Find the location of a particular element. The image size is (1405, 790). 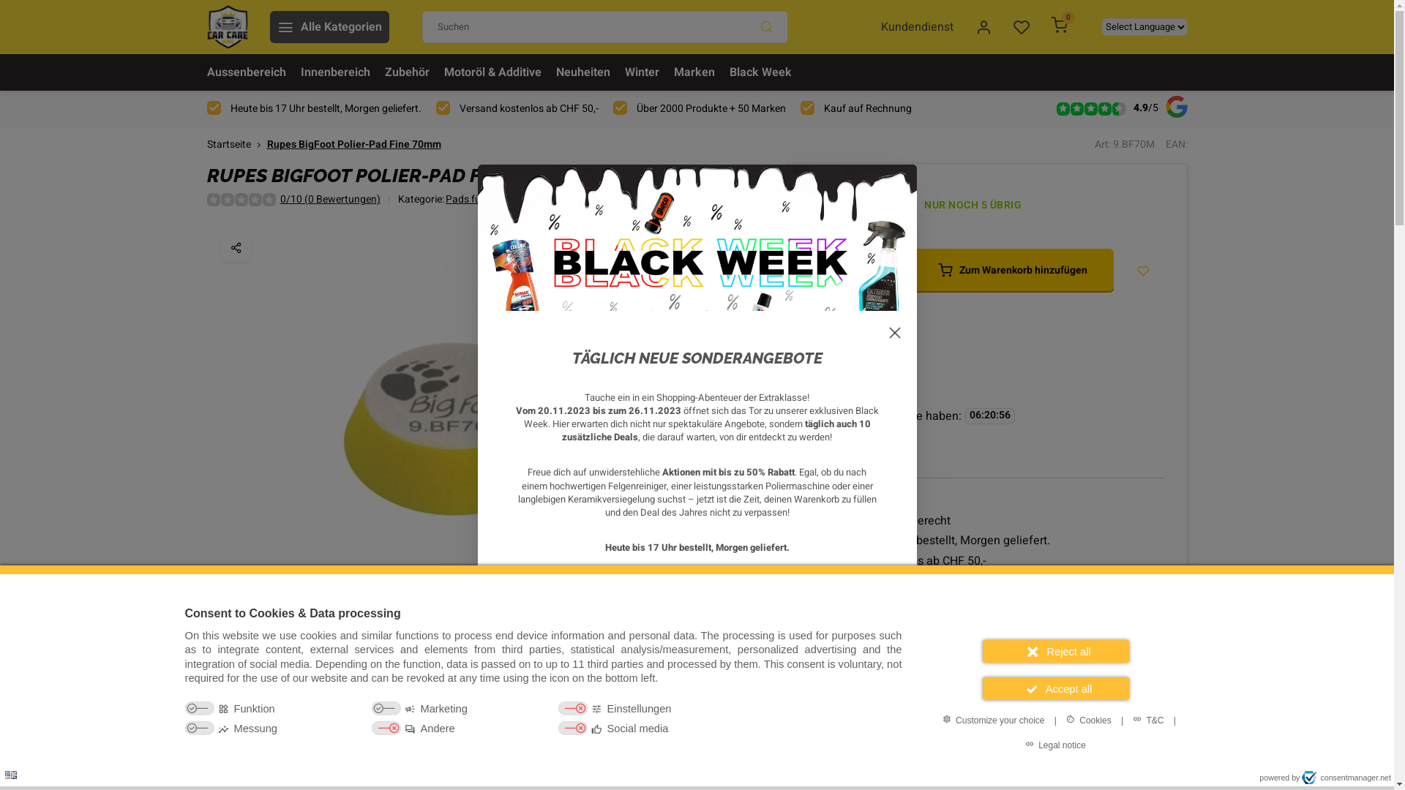

'T&C' is located at coordinates (1147, 718).